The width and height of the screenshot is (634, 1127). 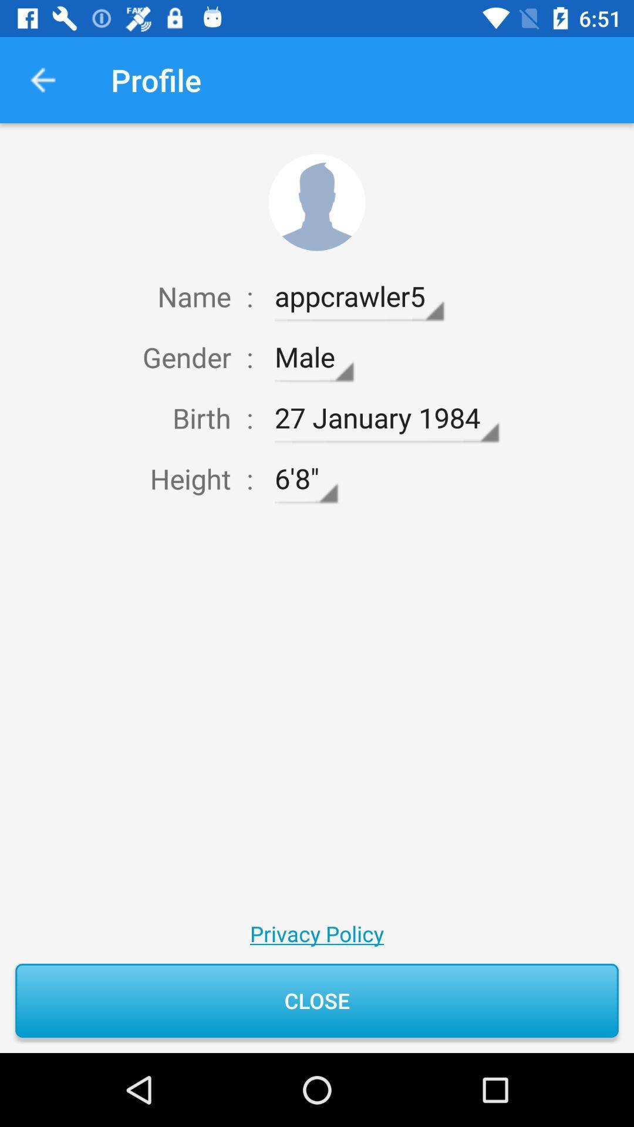 What do you see at coordinates (42, 79) in the screenshot?
I see `the item above name icon` at bounding box center [42, 79].